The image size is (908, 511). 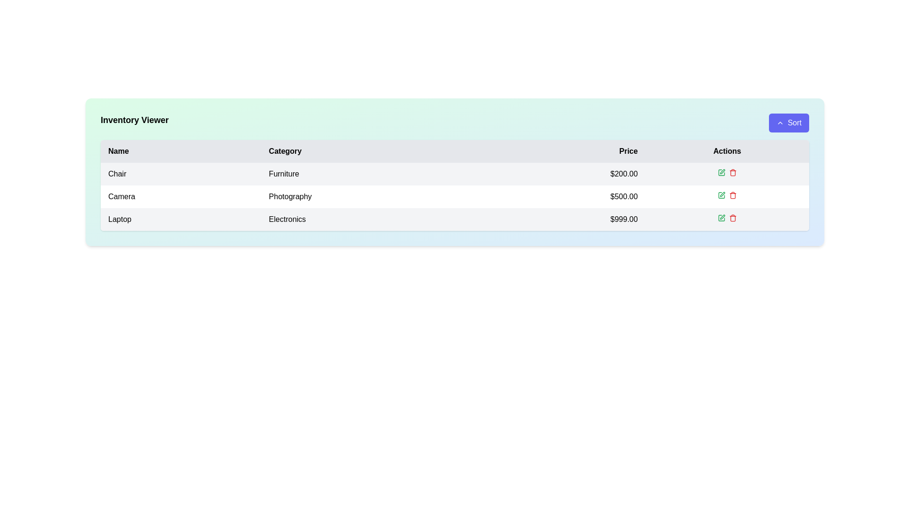 What do you see at coordinates (722, 171) in the screenshot?
I see `the edit button icon (pen icon) located in the 'Actions' column of the first row, which corresponds to the 'Chair' item in the 'Name' column` at bounding box center [722, 171].